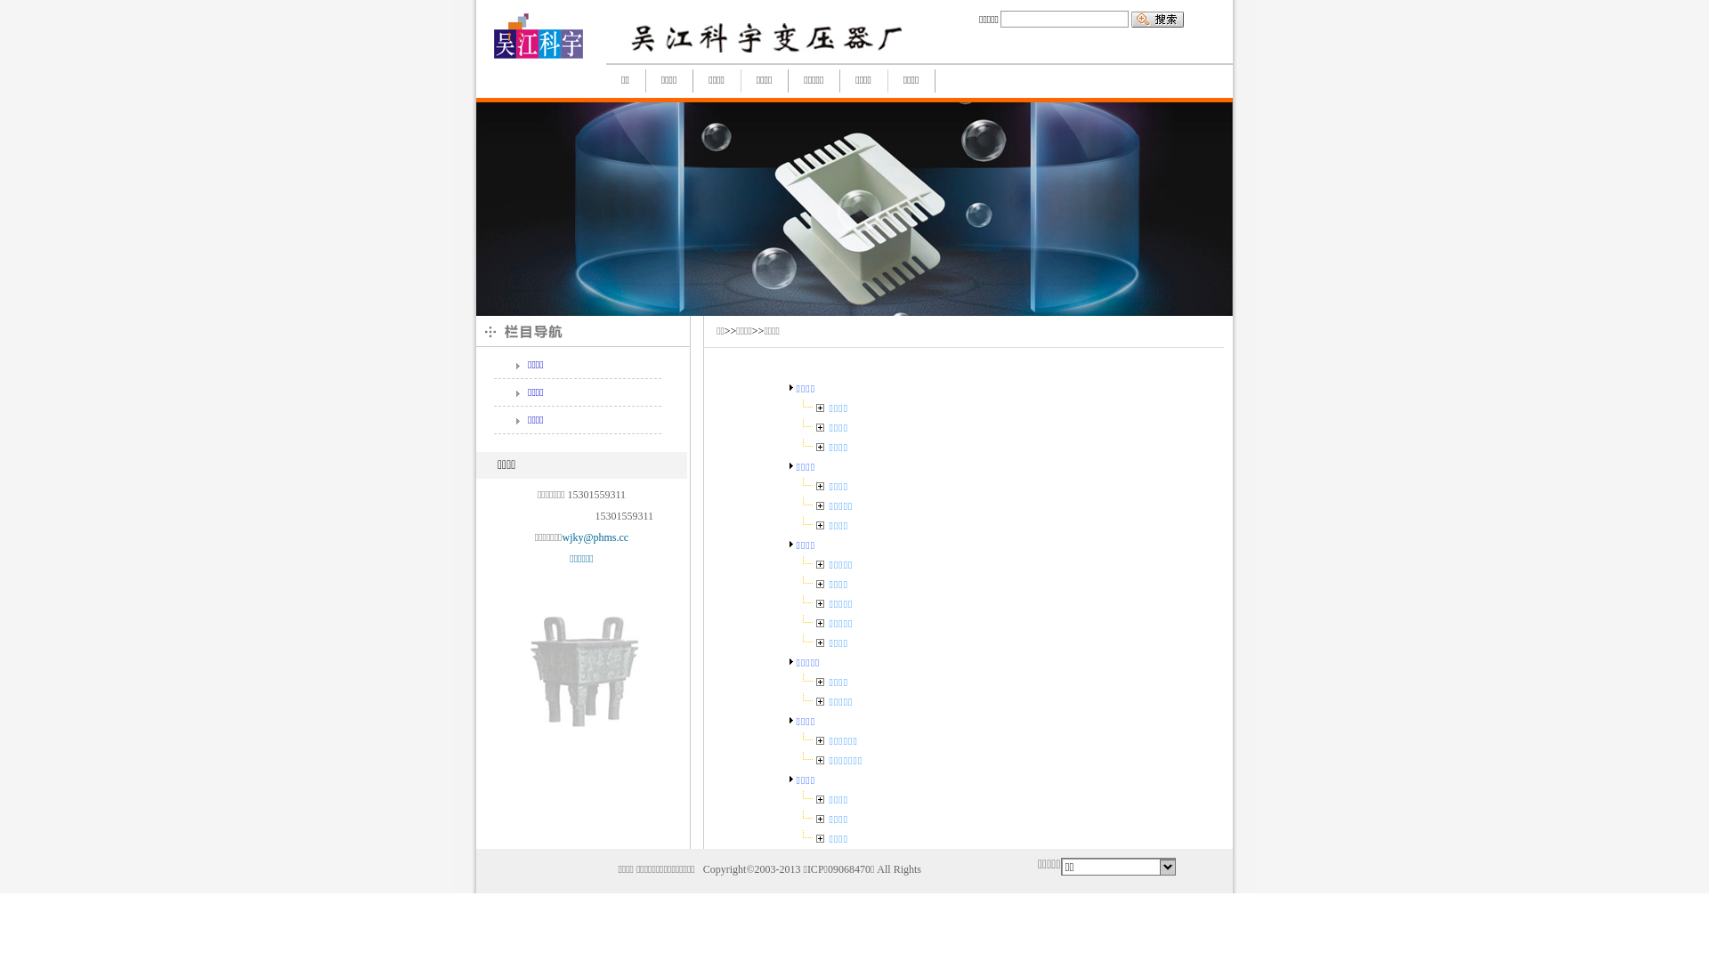 The height and width of the screenshot is (961, 1709). Describe the element at coordinates (595, 537) in the screenshot. I see `'wjky@phms.cc'` at that location.